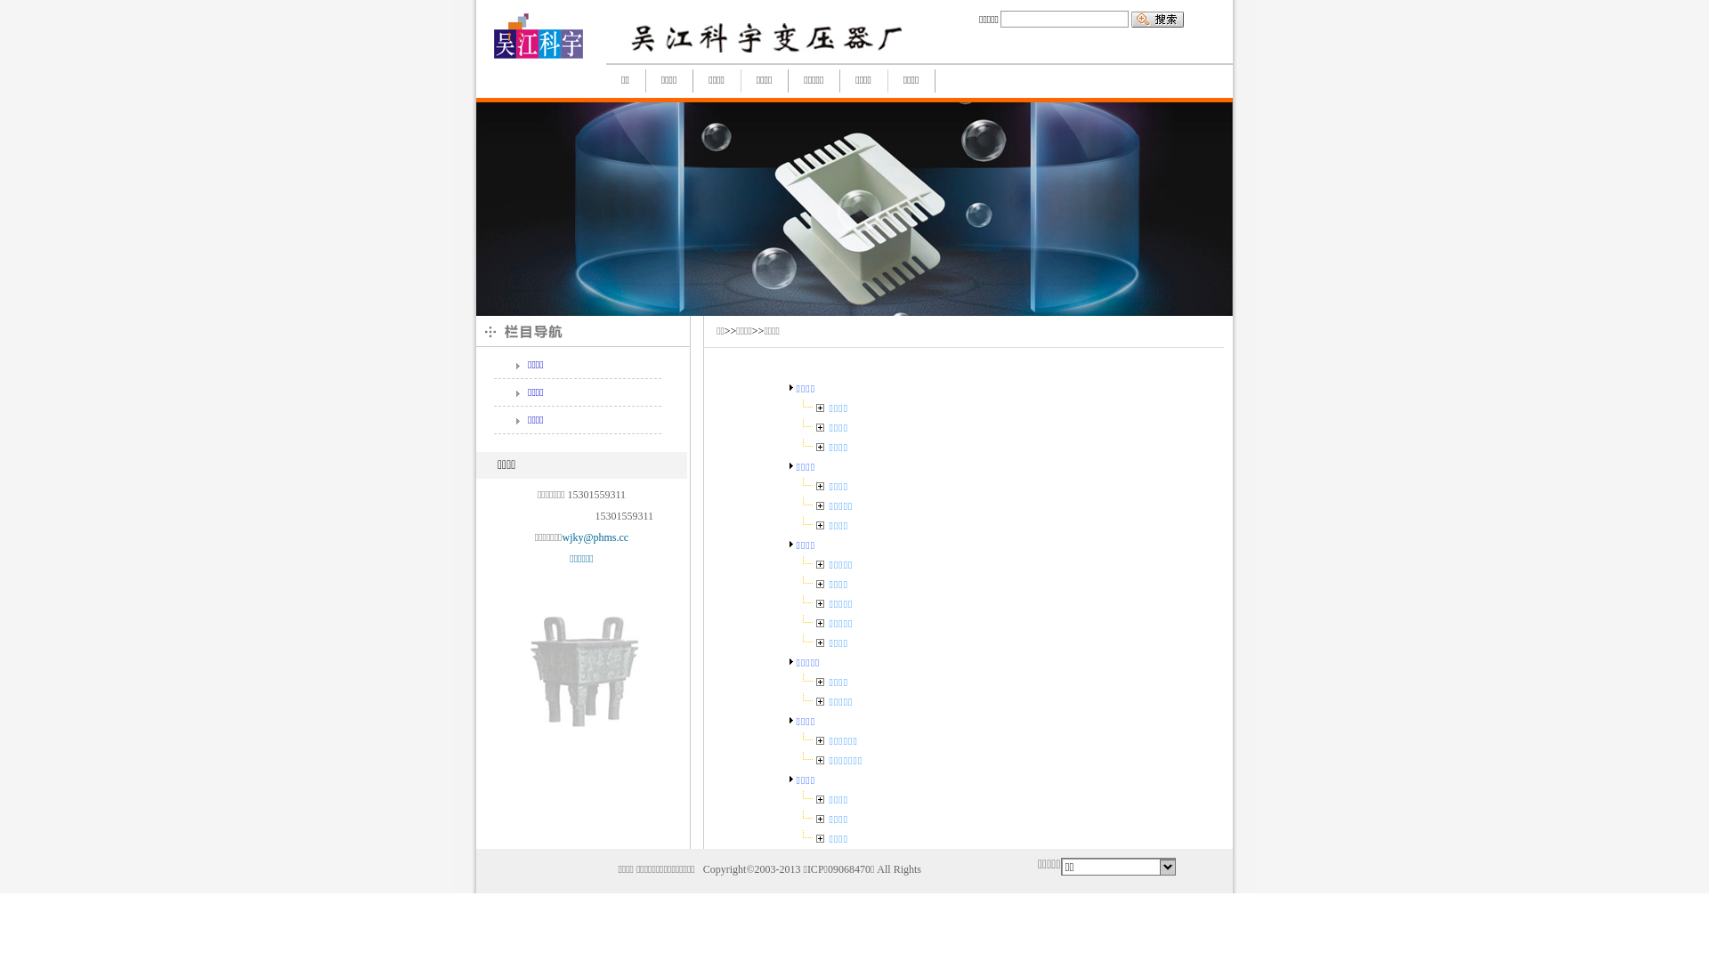 The height and width of the screenshot is (961, 1709). Describe the element at coordinates (595, 537) in the screenshot. I see `'wjky@phms.cc'` at that location.